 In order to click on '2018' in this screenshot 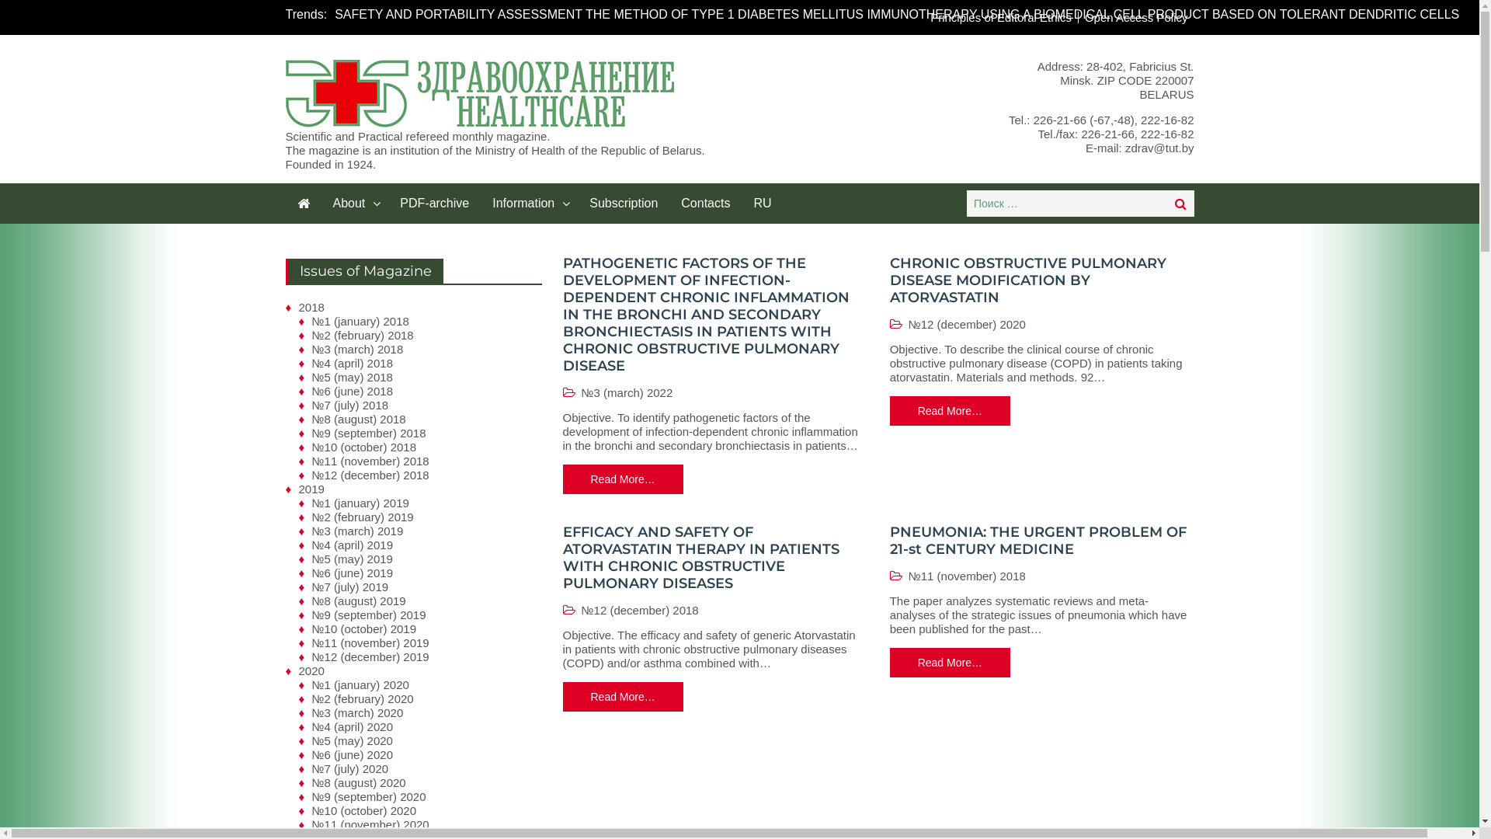, I will do `click(311, 307)`.